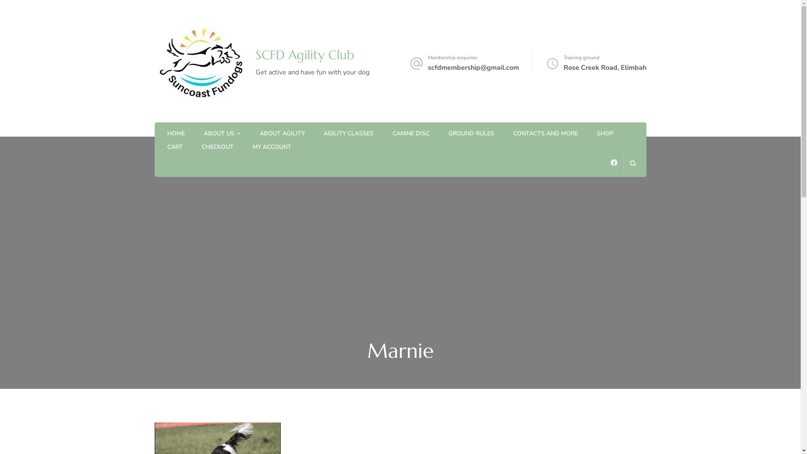 The image size is (807, 454). I want to click on 'CHECKOUT', so click(202, 147).